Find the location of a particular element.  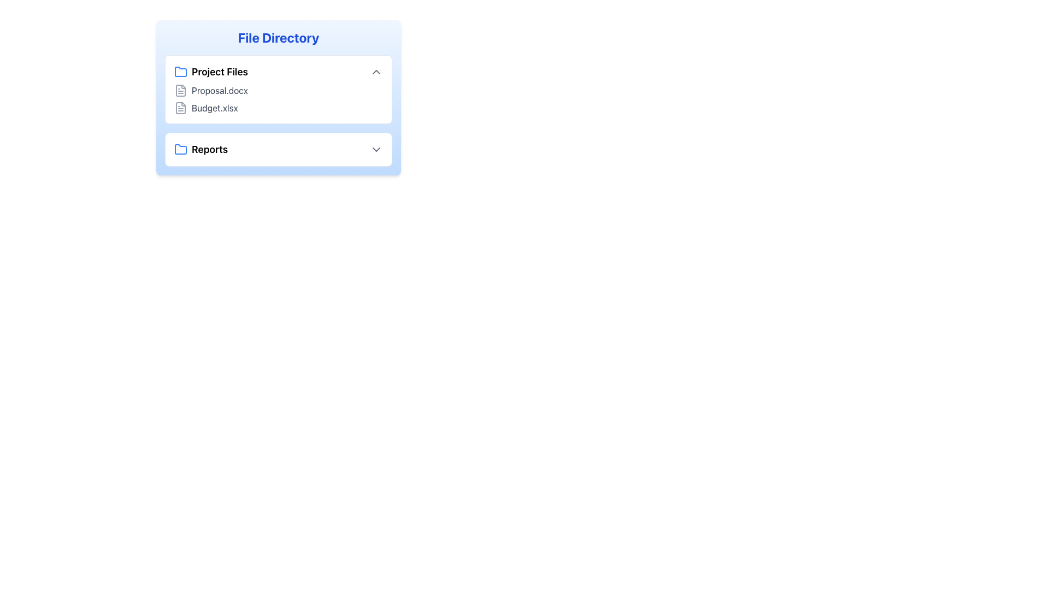

the text label displaying 'Proposal.docx', the first file listed under the 'Project Files' folder in the directory is located at coordinates (219, 90).